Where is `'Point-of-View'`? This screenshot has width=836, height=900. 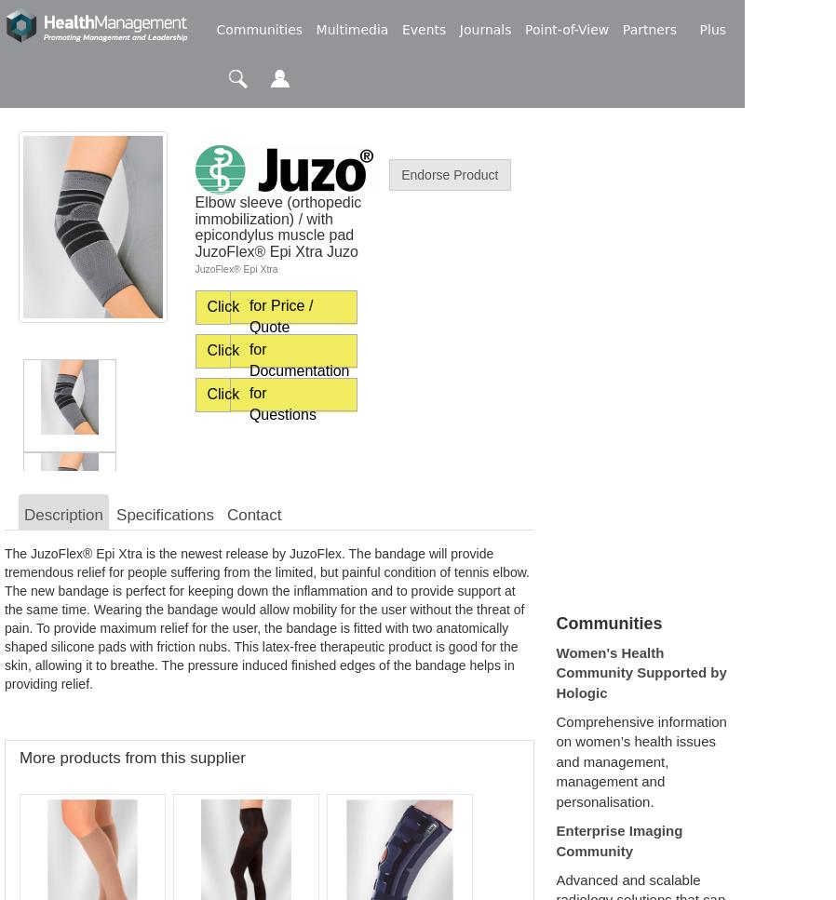
'Point-of-View' is located at coordinates (566, 30).